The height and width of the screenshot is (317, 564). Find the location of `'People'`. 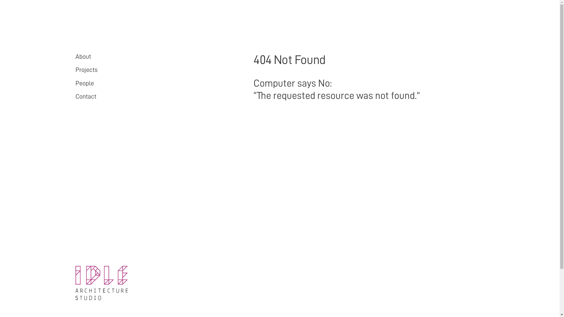

'People' is located at coordinates (84, 83).